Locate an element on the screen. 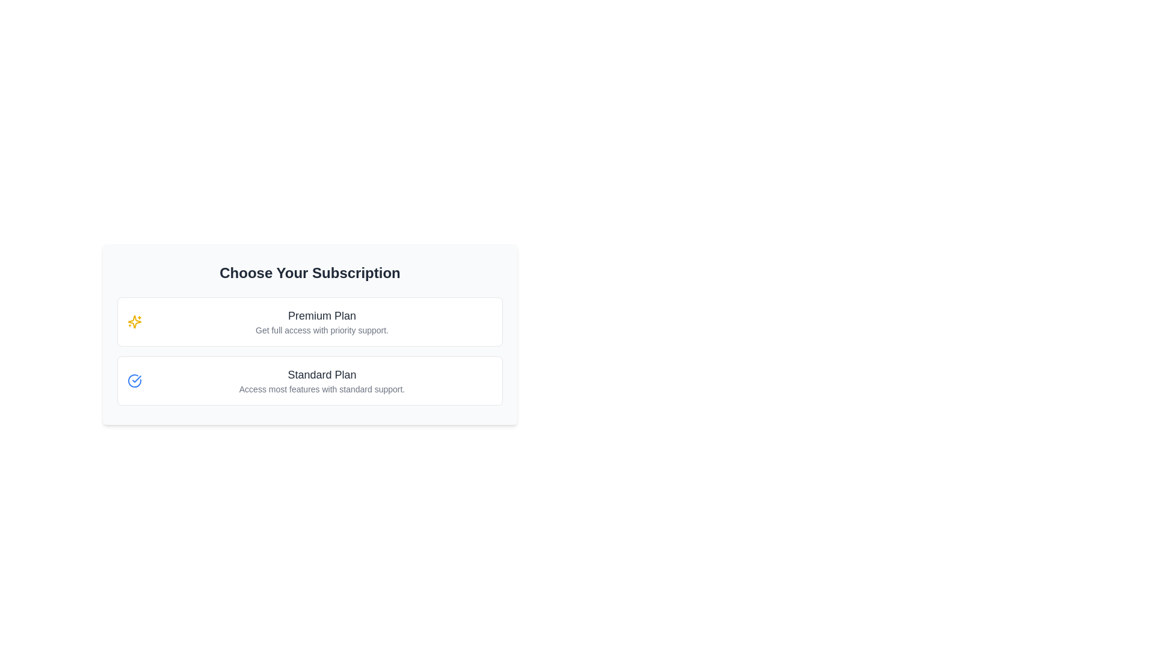  text label 'Standard Plan', which is styled in a medium-sized, bold font and located in the subscription option section is located at coordinates (322, 374).